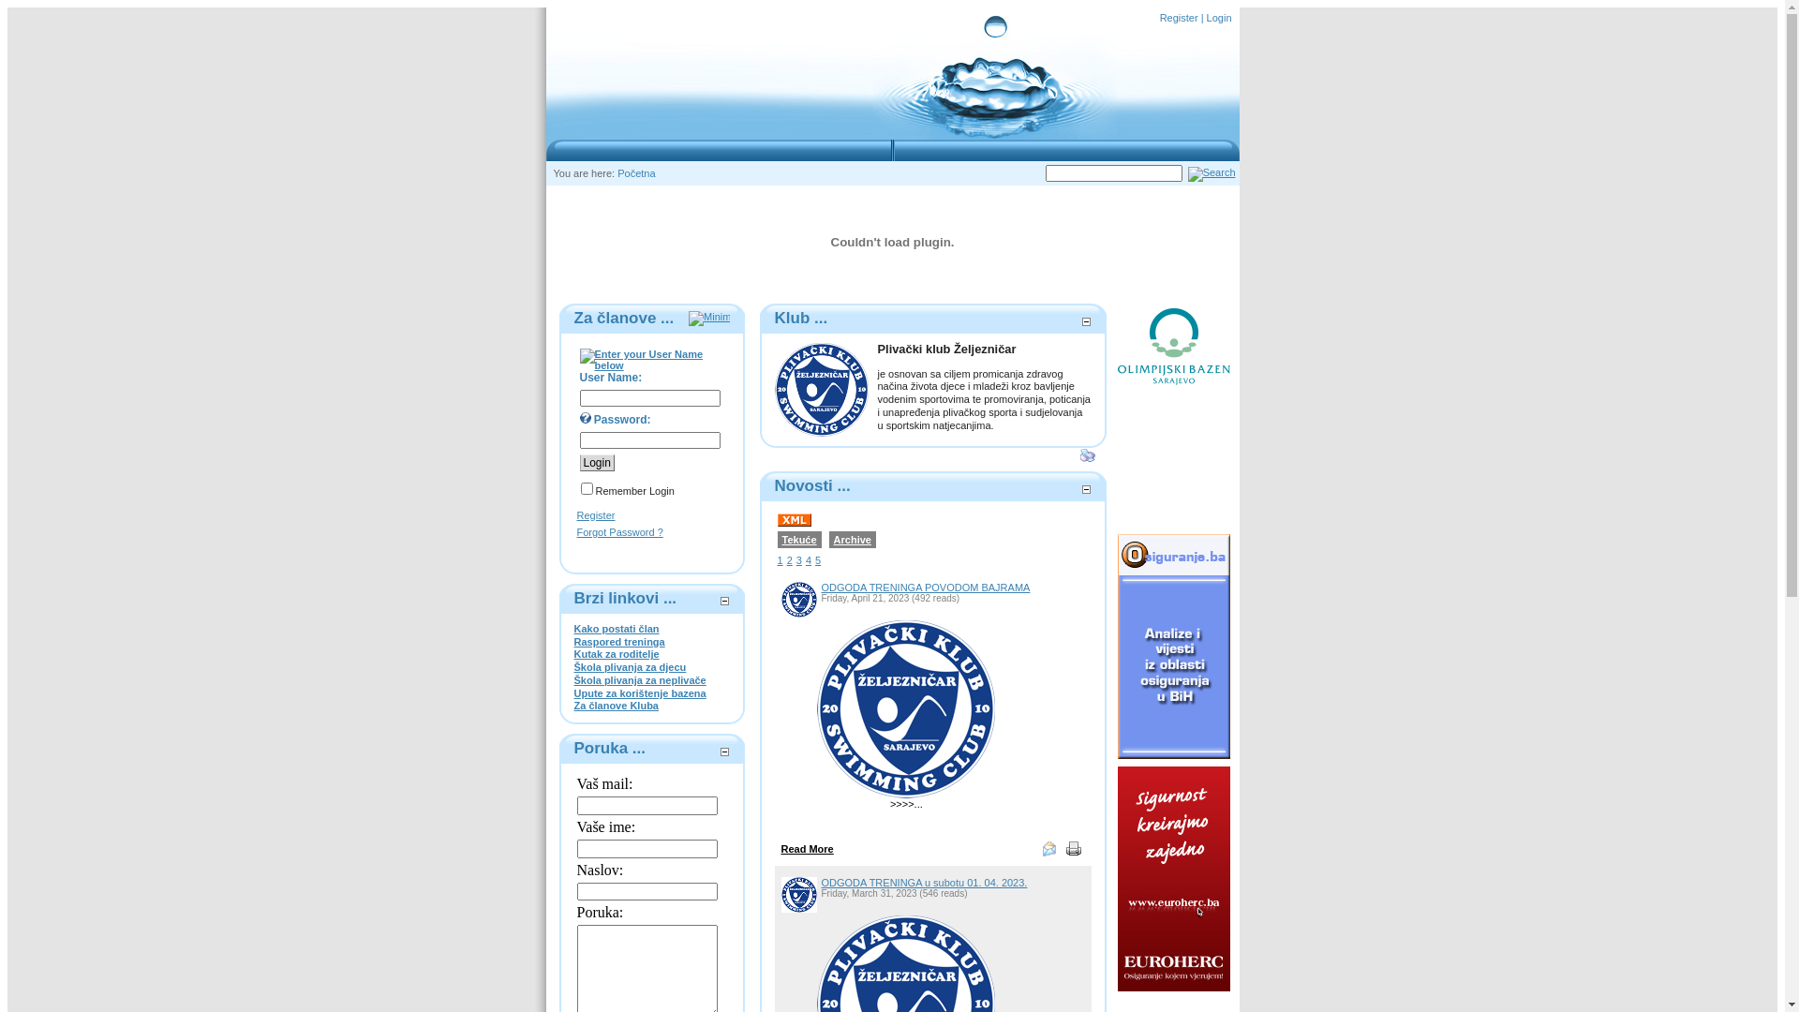  Describe the element at coordinates (595, 515) in the screenshot. I see `'Register'` at that location.